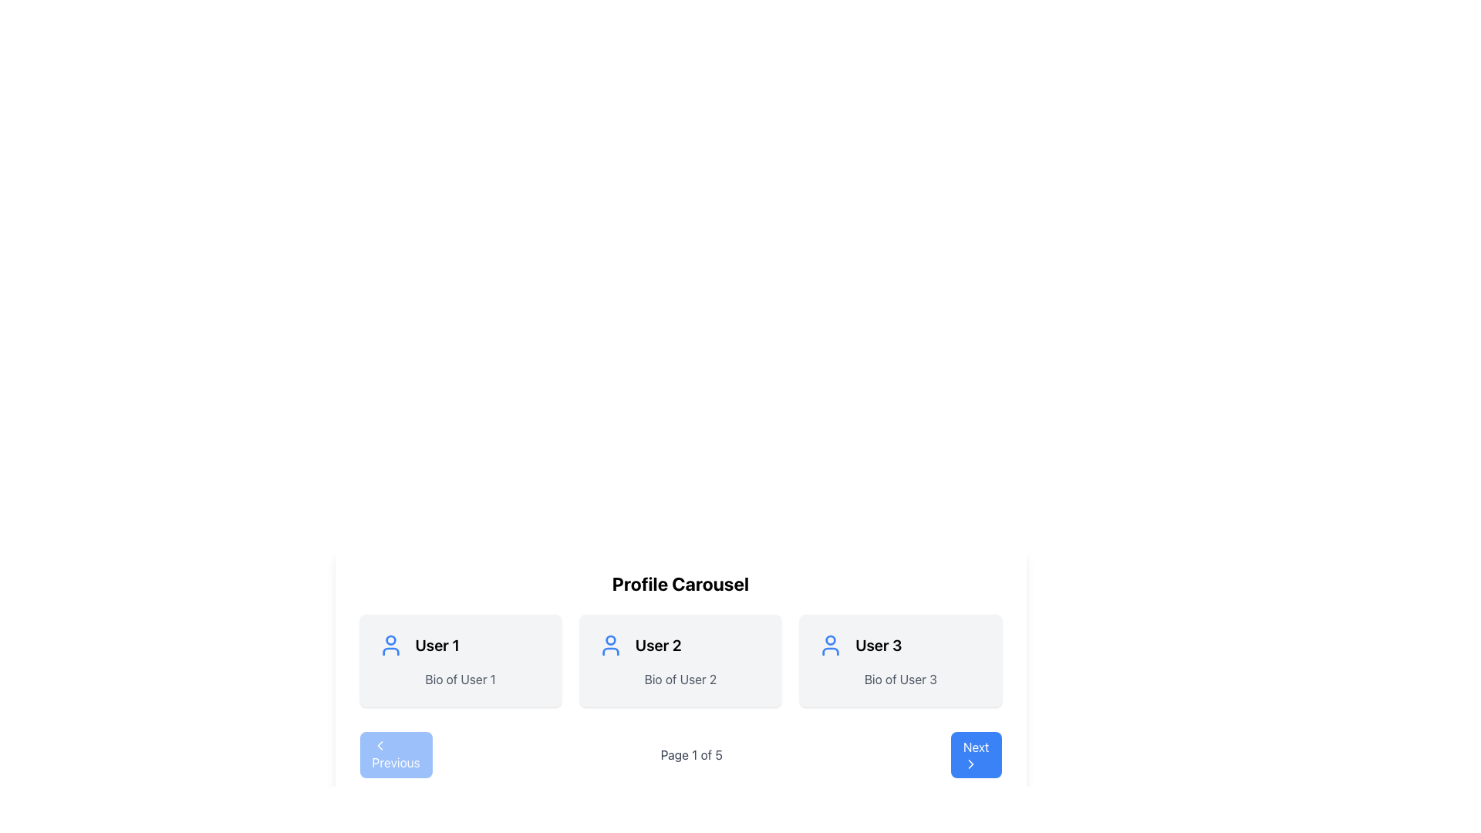 The width and height of the screenshot is (1481, 833). What do you see at coordinates (900, 646) in the screenshot?
I see `the user profile title label located in the third card of the carousel` at bounding box center [900, 646].